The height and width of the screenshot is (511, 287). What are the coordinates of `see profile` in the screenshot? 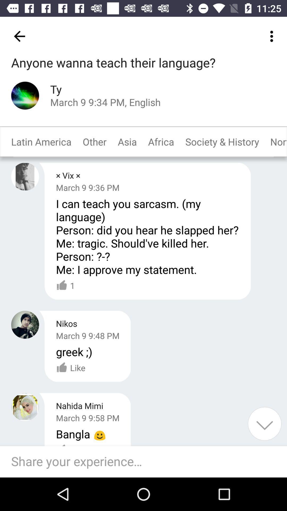 It's located at (25, 96).